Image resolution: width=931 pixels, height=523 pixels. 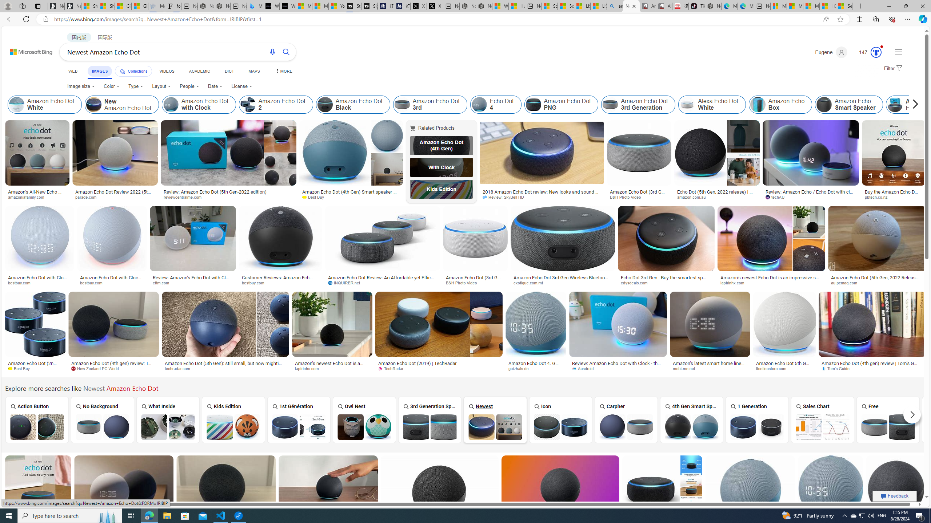 What do you see at coordinates (912, 104) in the screenshot?
I see `'Class: item col'` at bounding box center [912, 104].